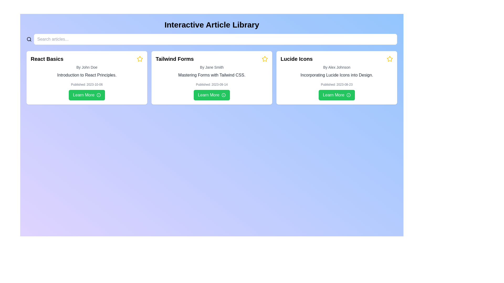  I want to click on the search lens icon located at the top left of the search bar to initiate the search, so click(29, 39).